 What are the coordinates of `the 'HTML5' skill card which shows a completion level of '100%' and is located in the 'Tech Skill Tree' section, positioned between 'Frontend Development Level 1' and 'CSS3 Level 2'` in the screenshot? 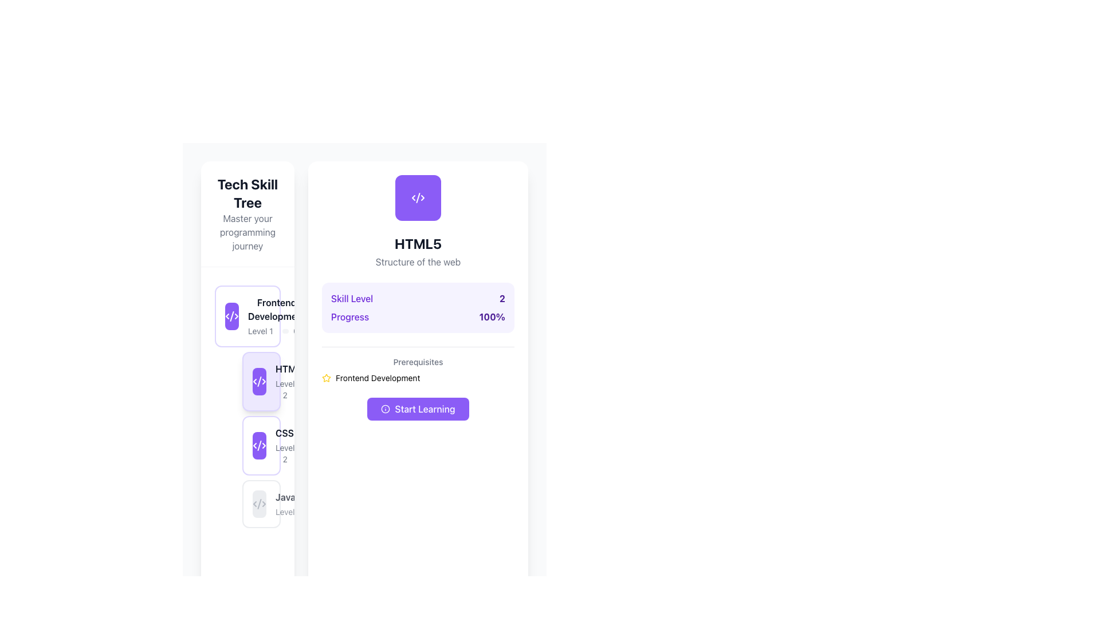 It's located at (247, 382).